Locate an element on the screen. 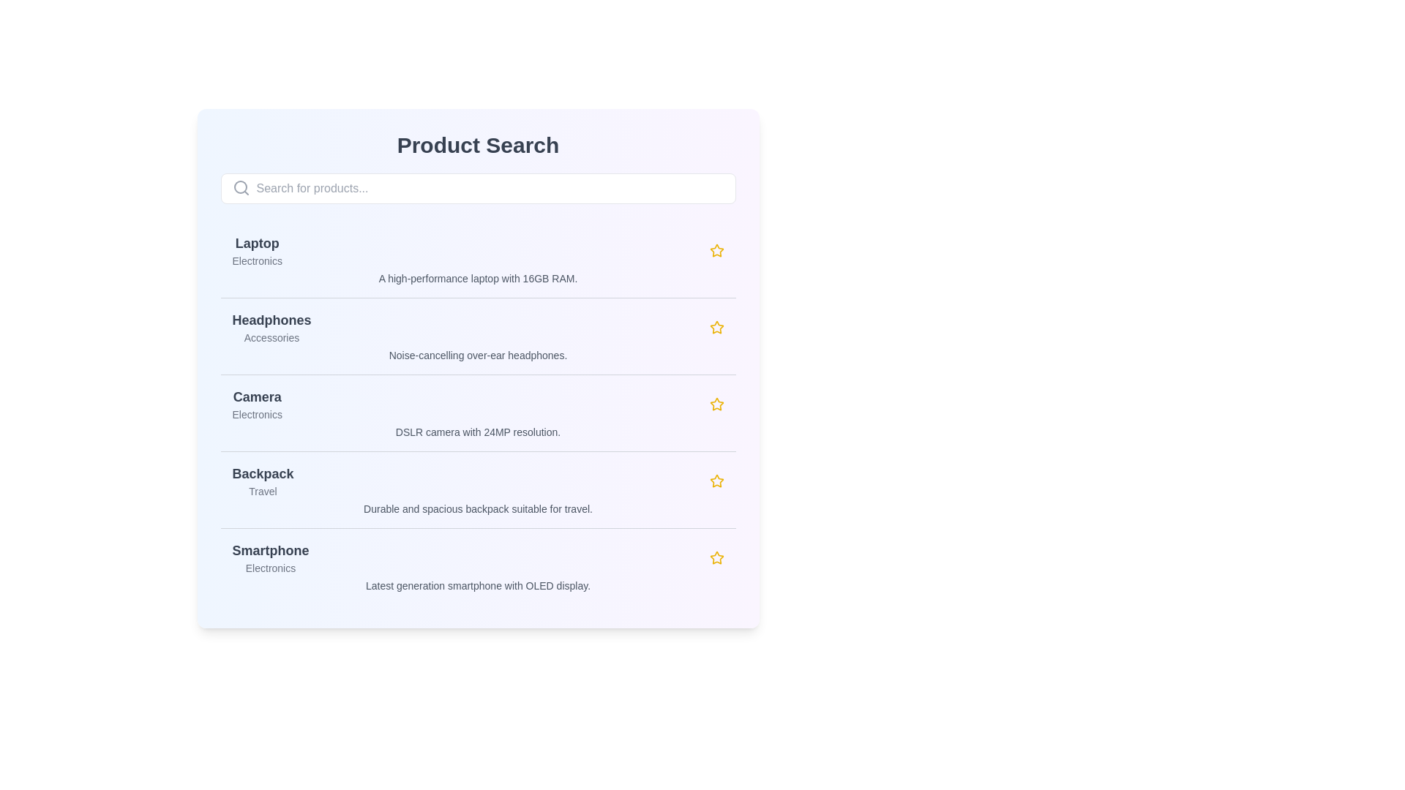 The width and height of the screenshot is (1405, 790). the star icon located at the far-right side of the 'Smartphone' product entry to favorite the product is located at coordinates (716, 558).